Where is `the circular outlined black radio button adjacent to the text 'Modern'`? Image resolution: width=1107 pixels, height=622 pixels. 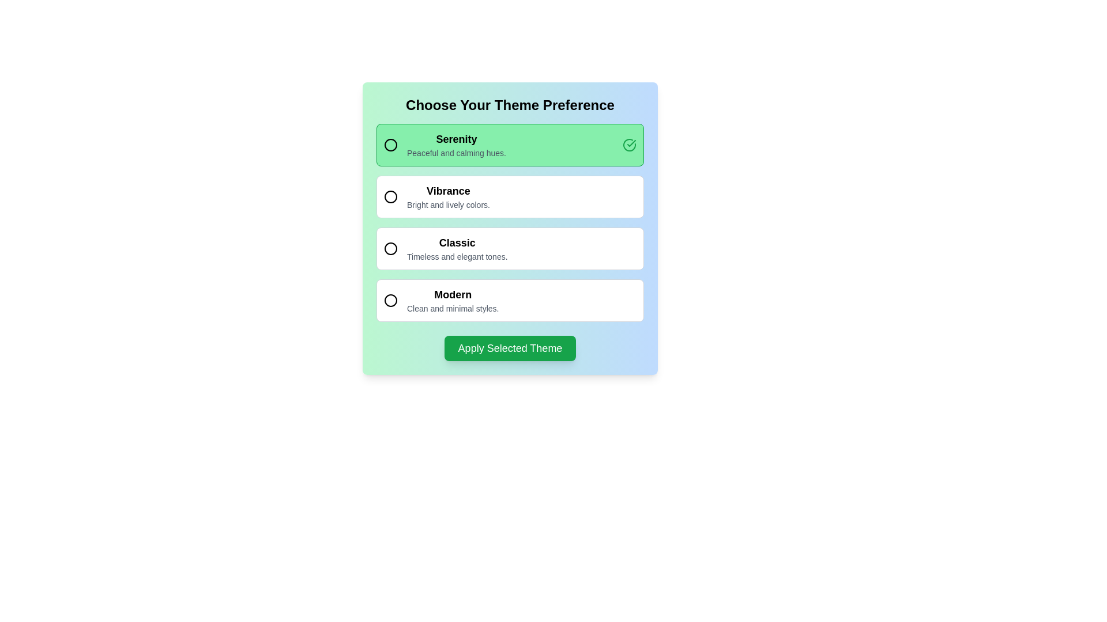 the circular outlined black radio button adjacent to the text 'Modern' is located at coordinates (390, 299).